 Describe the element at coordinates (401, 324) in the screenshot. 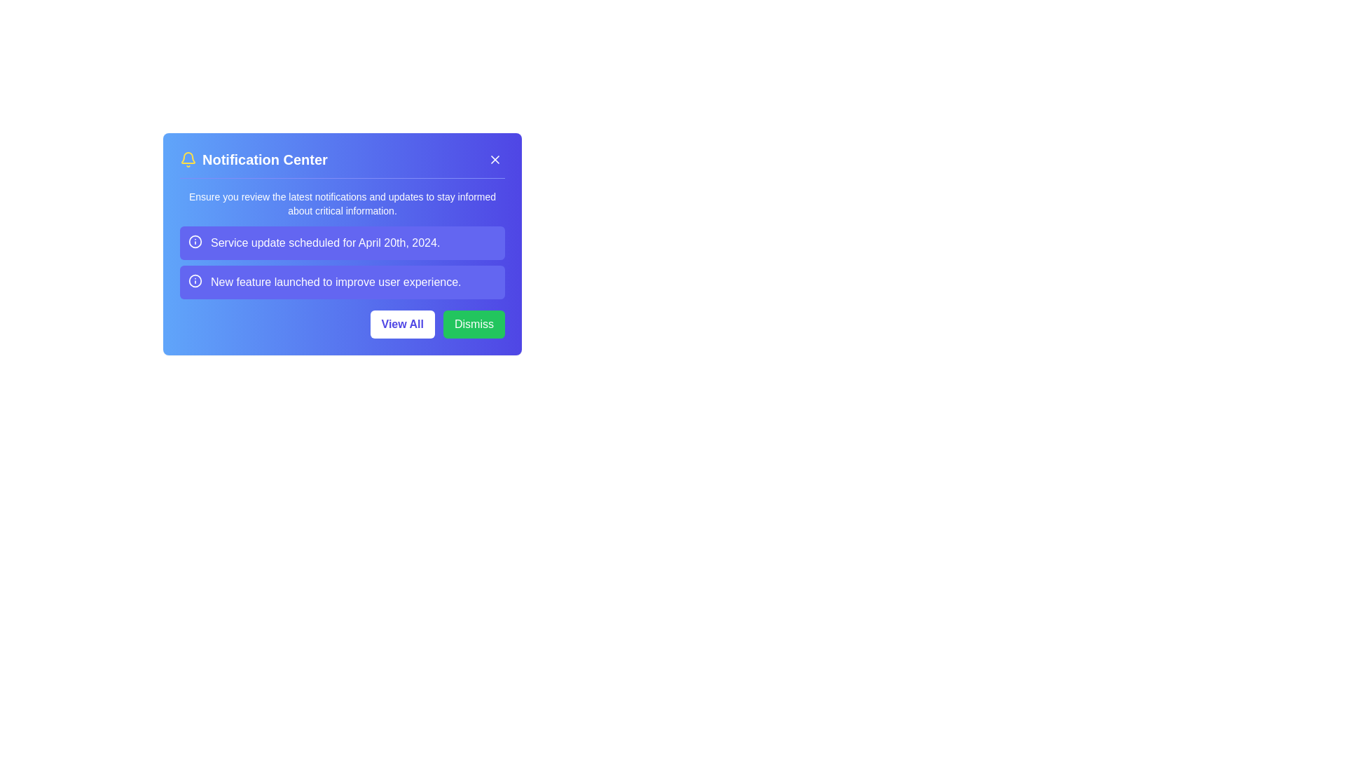

I see `the 'View All' button located in the bottom-right area of the Notification Center` at that location.